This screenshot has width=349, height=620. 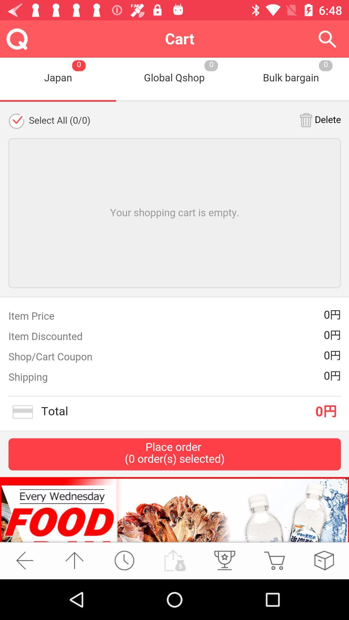 What do you see at coordinates (327, 38) in the screenshot?
I see `search` at bounding box center [327, 38].